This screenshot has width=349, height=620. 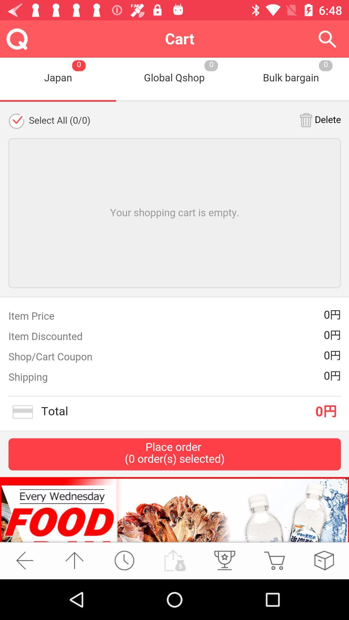 What do you see at coordinates (327, 38) in the screenshot?
I see `search` at bounding box center [327, 38].